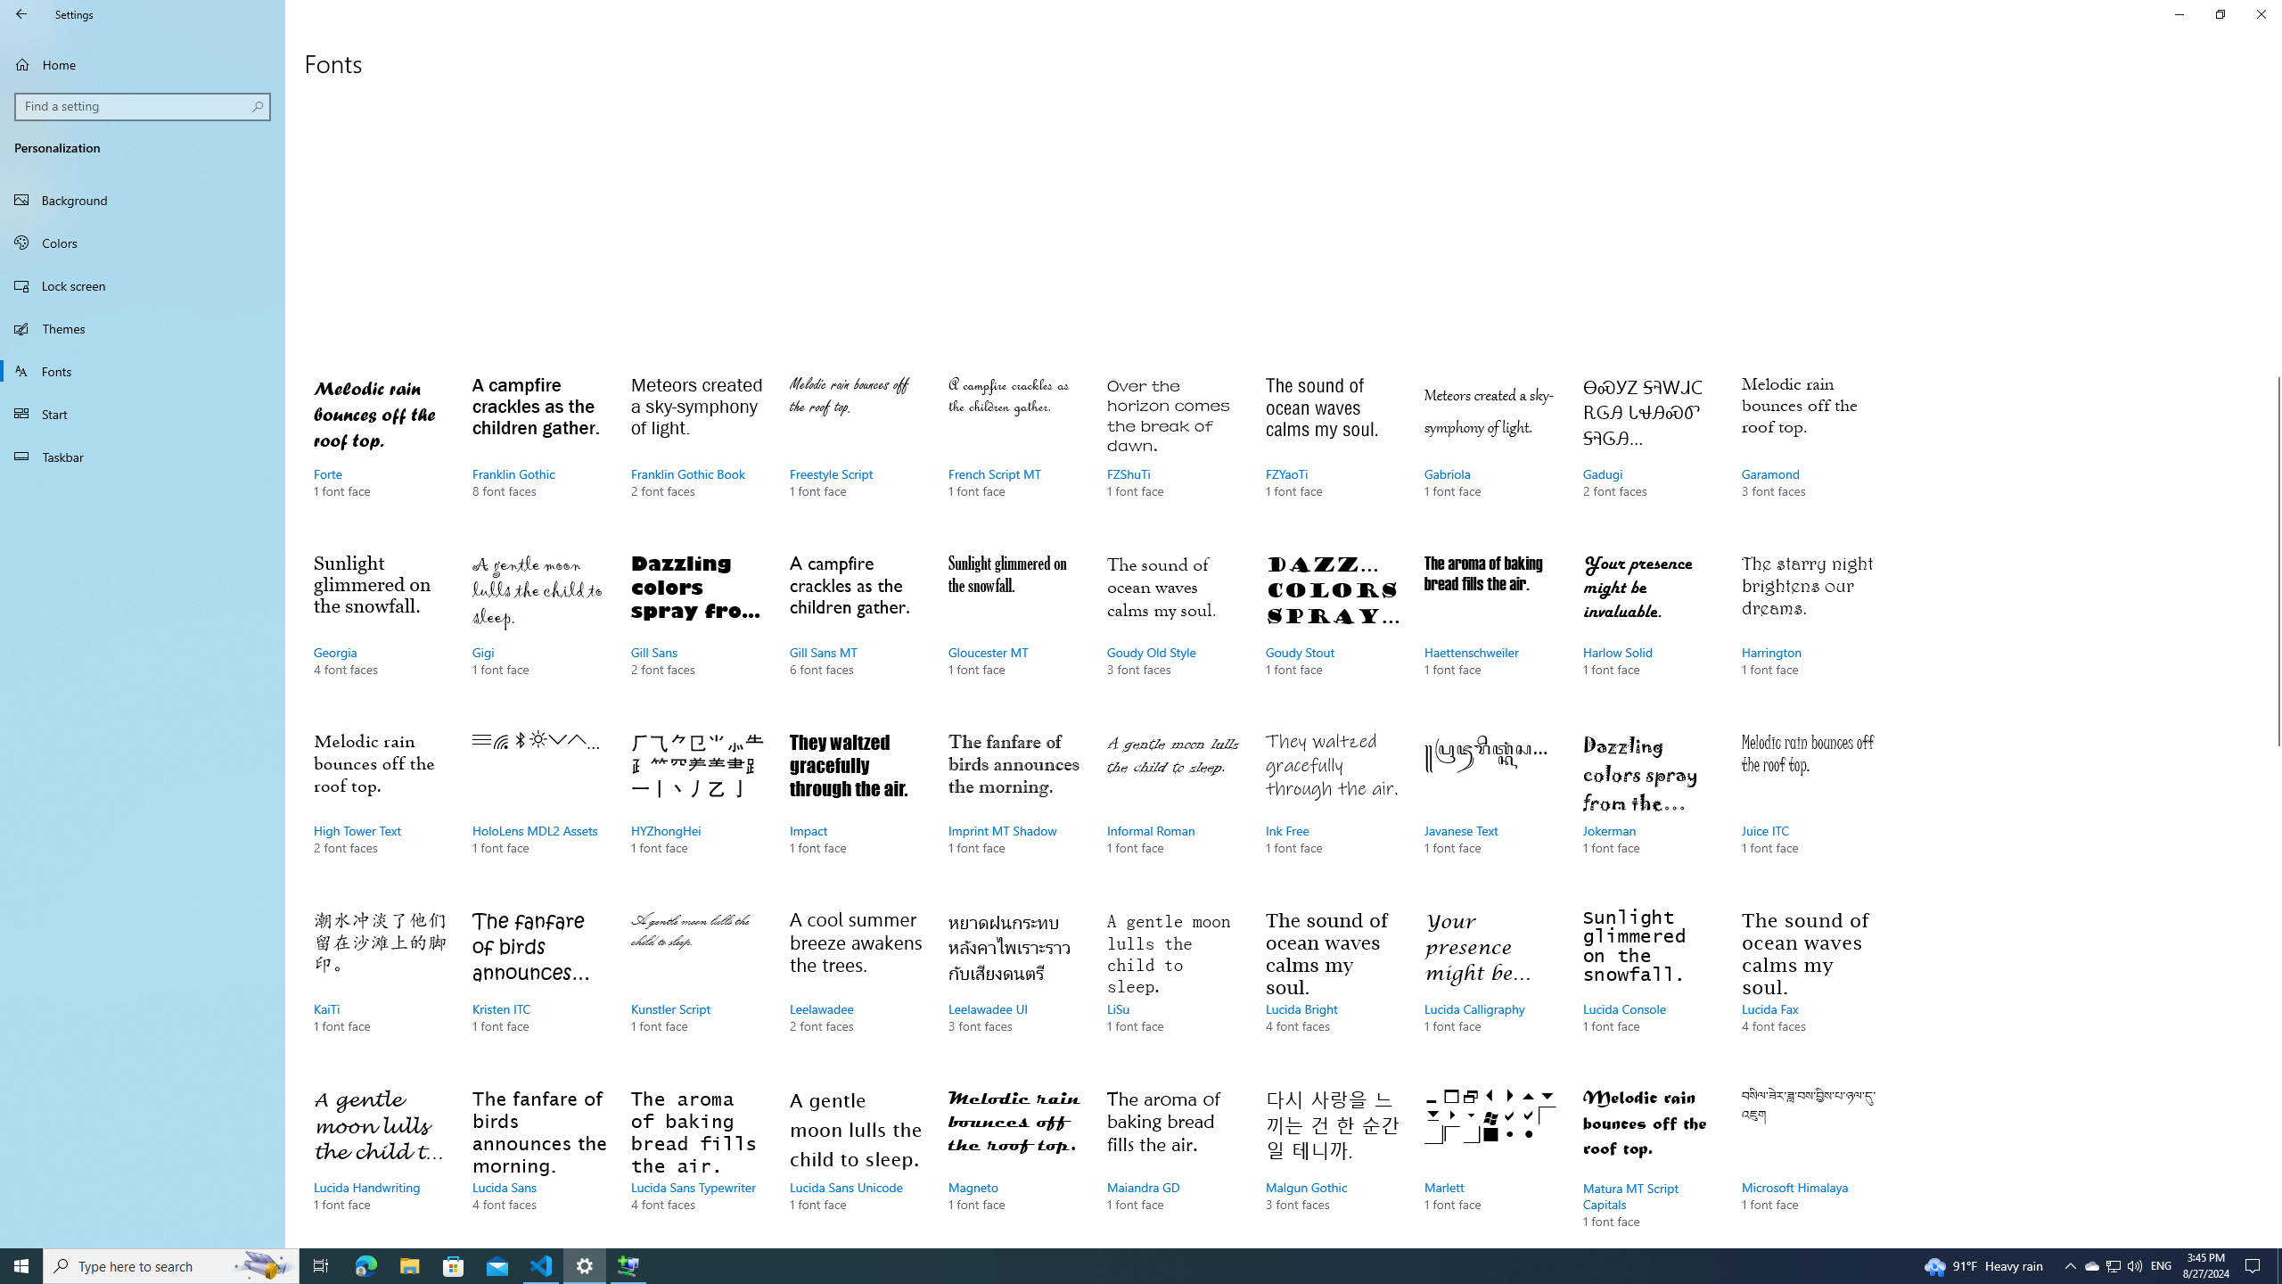 The height and width of the screenshot is (1284, 2282). I want to click on 'Lucida Bright, 4 font faces', so click(1333, 988).